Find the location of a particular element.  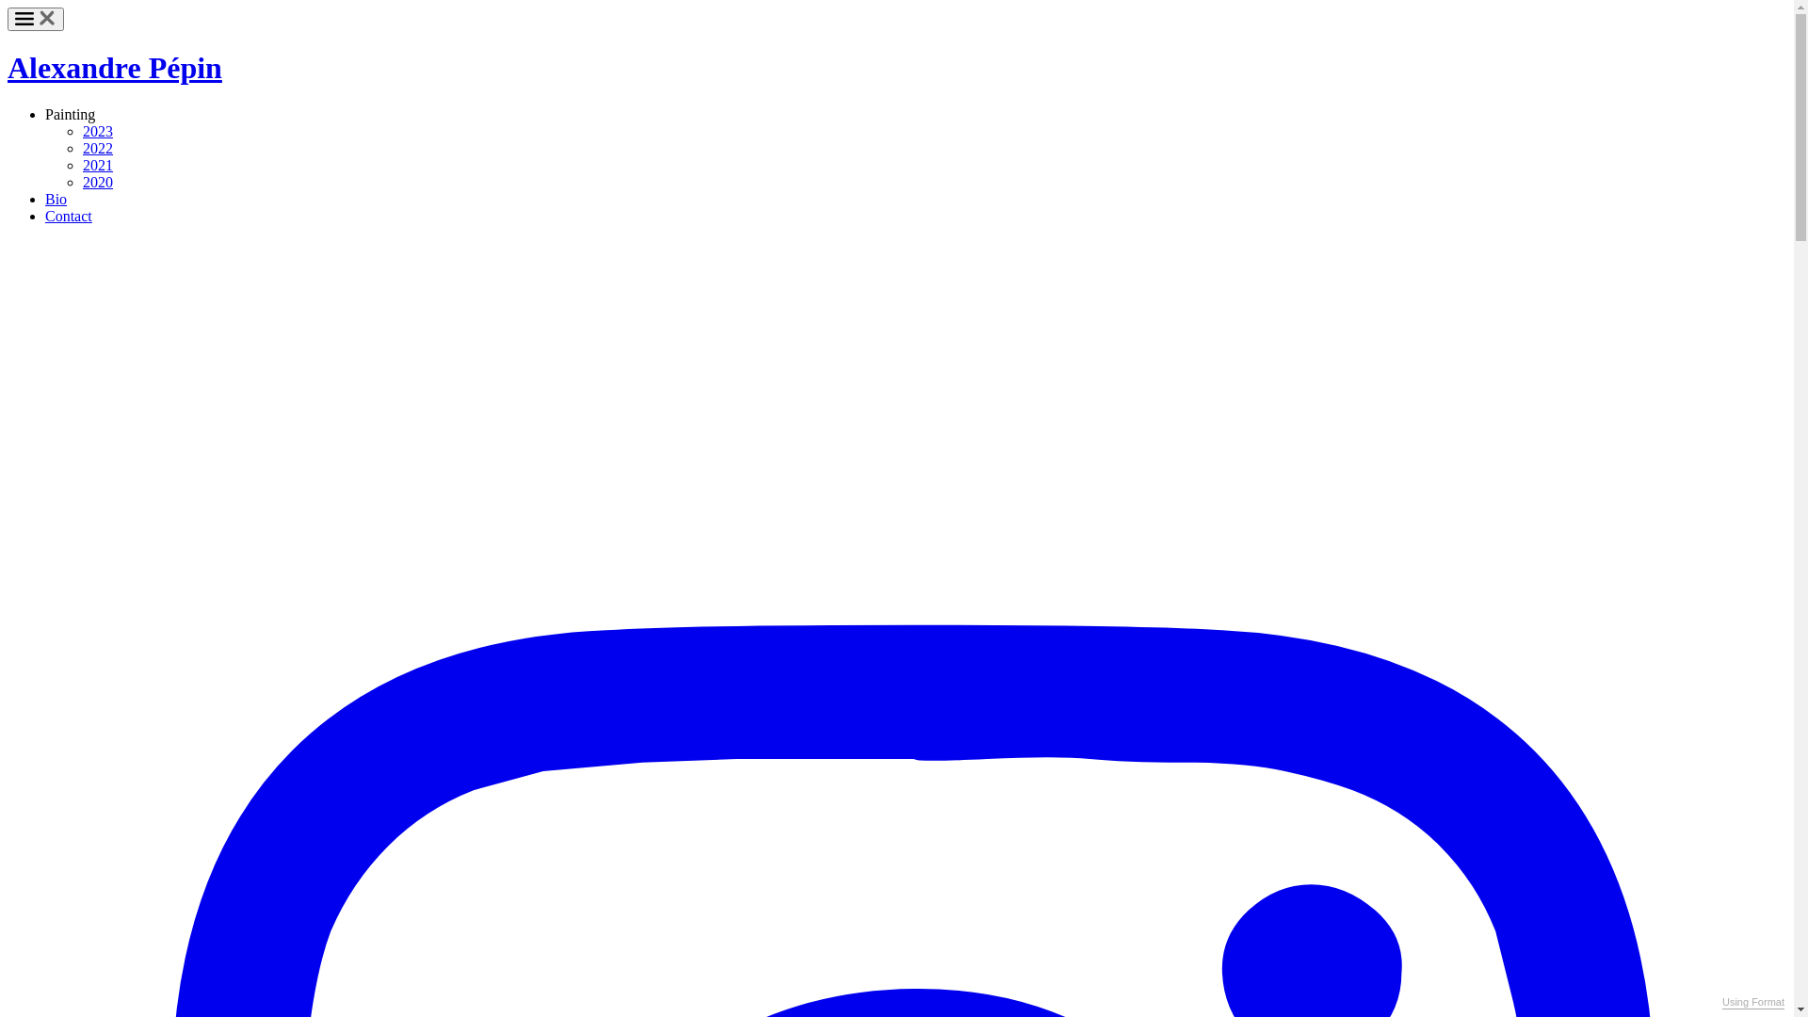

'2020' is located at coordinates (81, 182).